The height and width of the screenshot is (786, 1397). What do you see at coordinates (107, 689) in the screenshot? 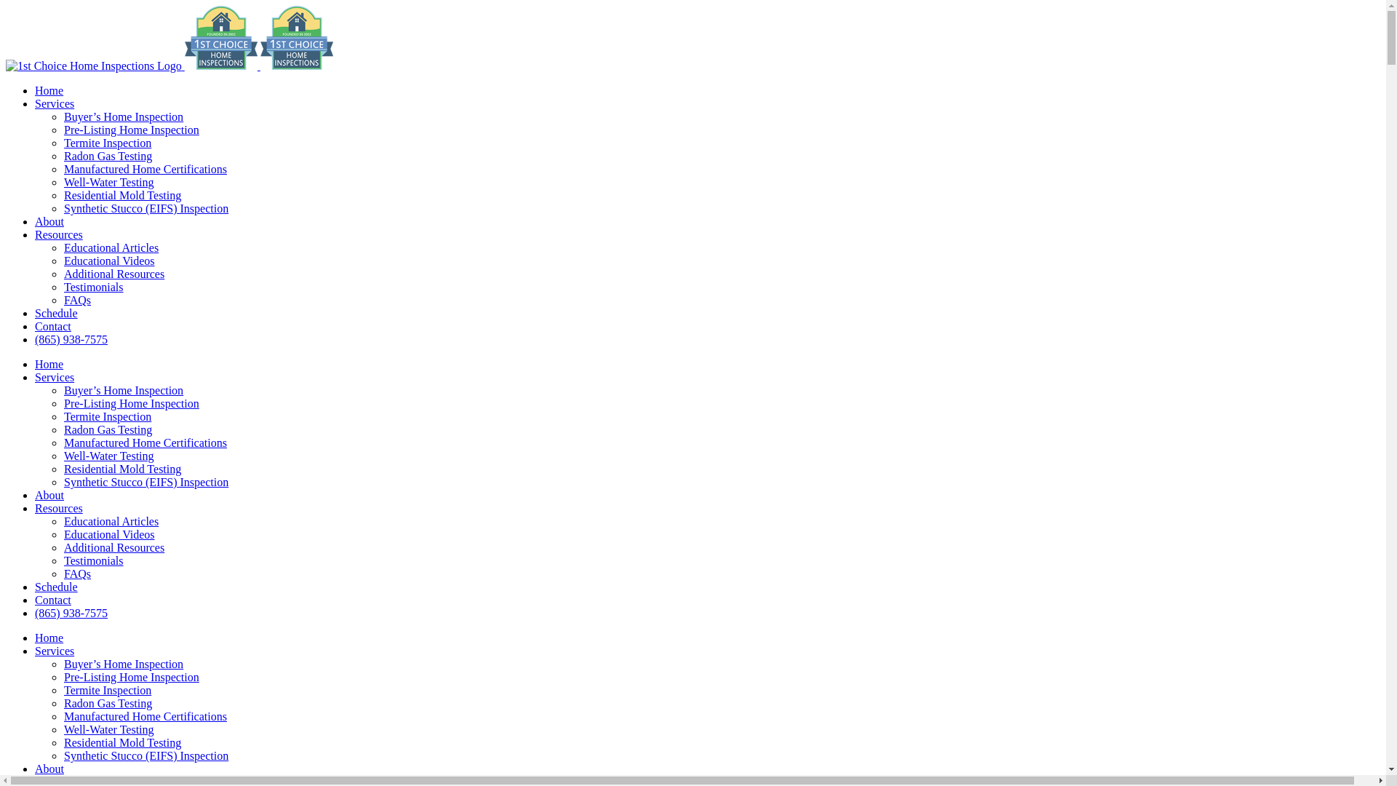
I see `'Termite Inspection'` at bounding box center [107, 689].